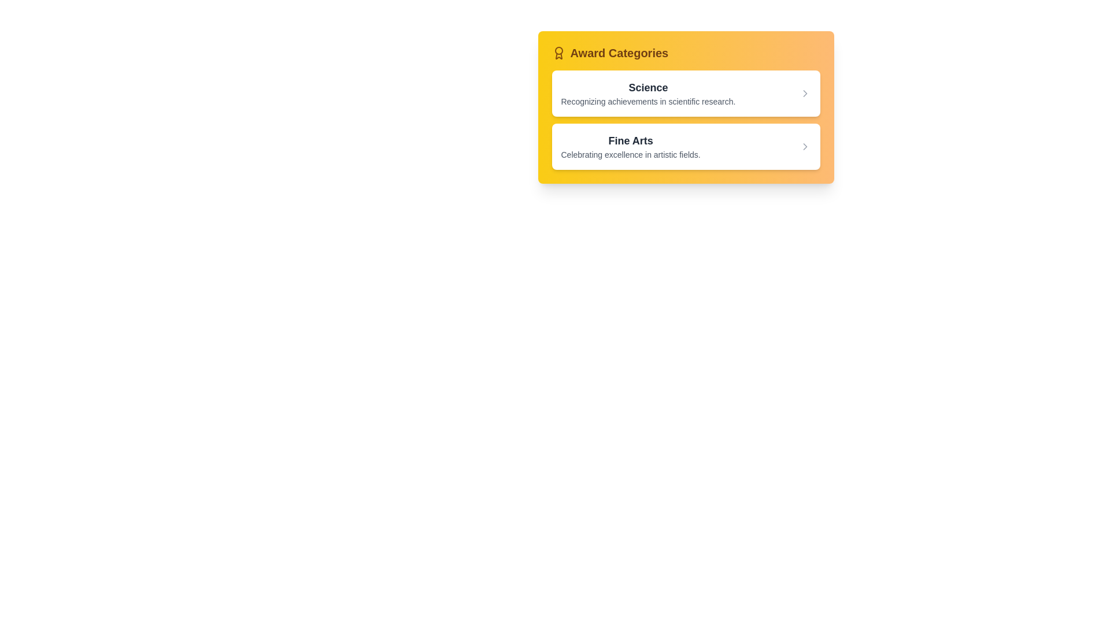 This screenshot has width=1110, height=624. I want to click on the static text element displaying 'Celebrating excellence in artistic fields.' which is located below the 'Fine Arts' title in a light gray font, so click(630, 154).